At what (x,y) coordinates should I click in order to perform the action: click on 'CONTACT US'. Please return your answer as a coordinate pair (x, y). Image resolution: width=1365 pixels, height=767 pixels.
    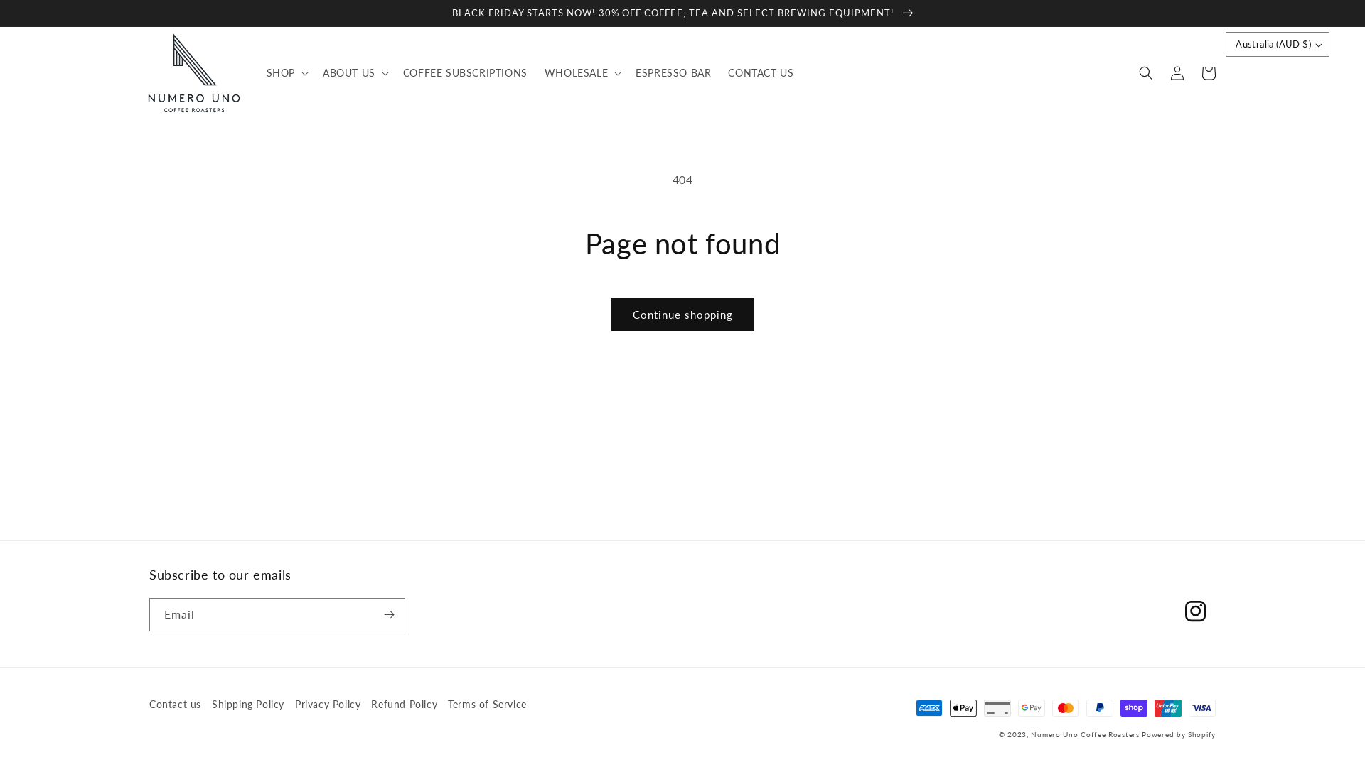
    Looking at the image, I should click on (719, 73).